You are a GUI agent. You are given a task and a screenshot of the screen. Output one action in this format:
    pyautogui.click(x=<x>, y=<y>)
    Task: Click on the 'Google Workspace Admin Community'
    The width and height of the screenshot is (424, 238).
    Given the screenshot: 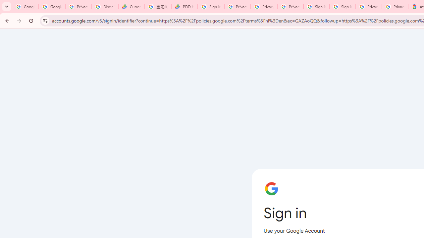 What is the action you would take?
    pyautogui.click(x=25, y=7)
    